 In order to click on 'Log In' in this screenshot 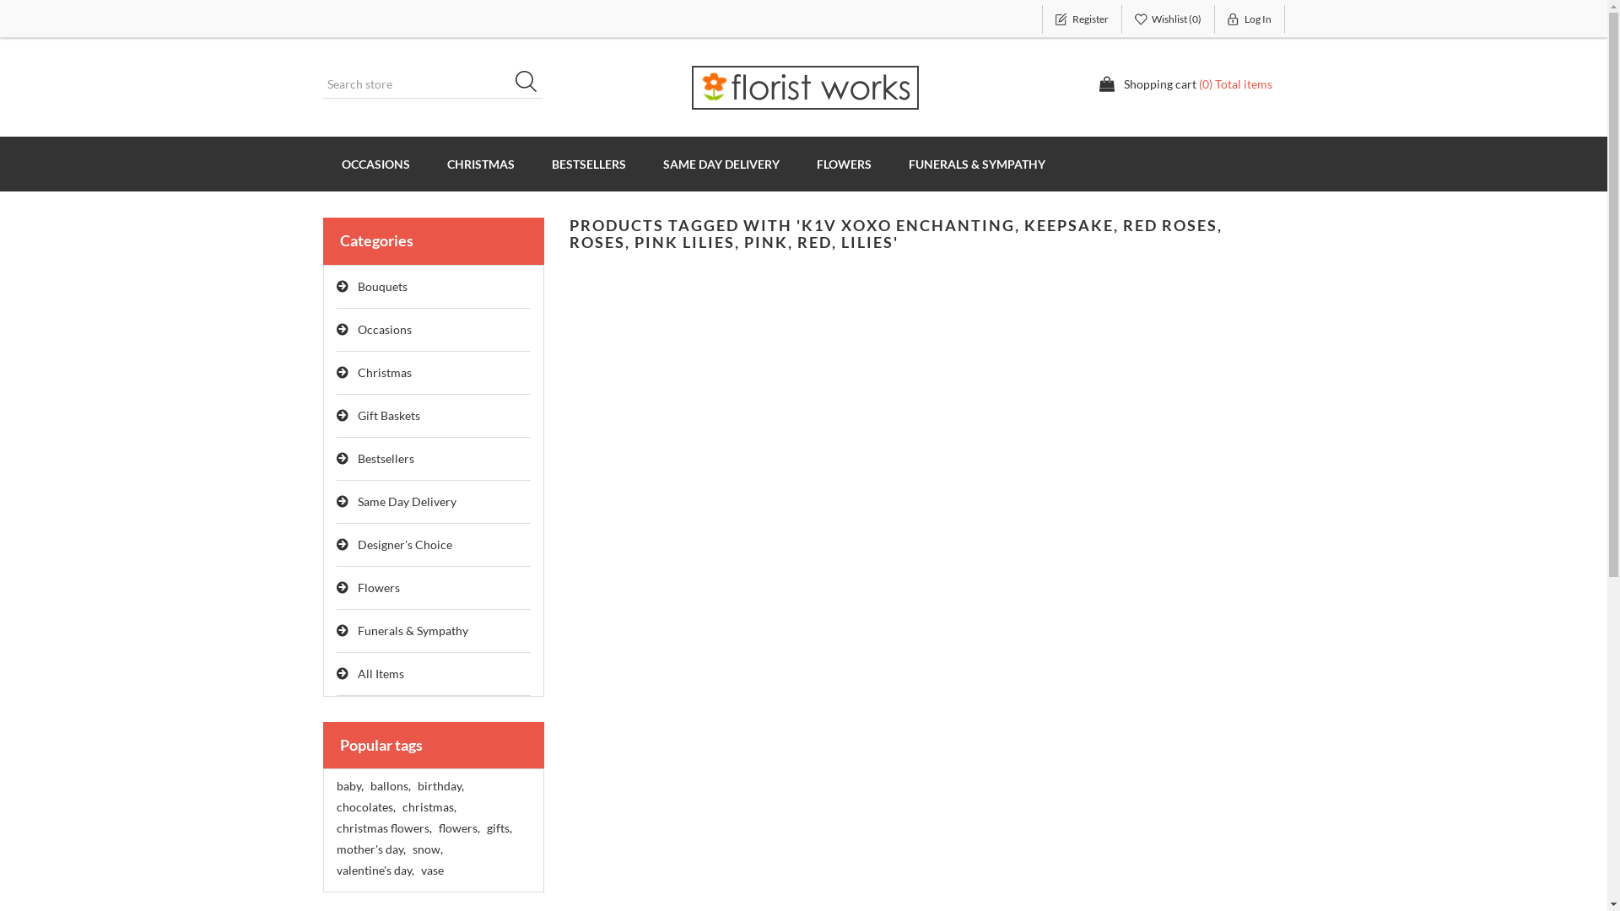, I will do `click(1215, 19)`.